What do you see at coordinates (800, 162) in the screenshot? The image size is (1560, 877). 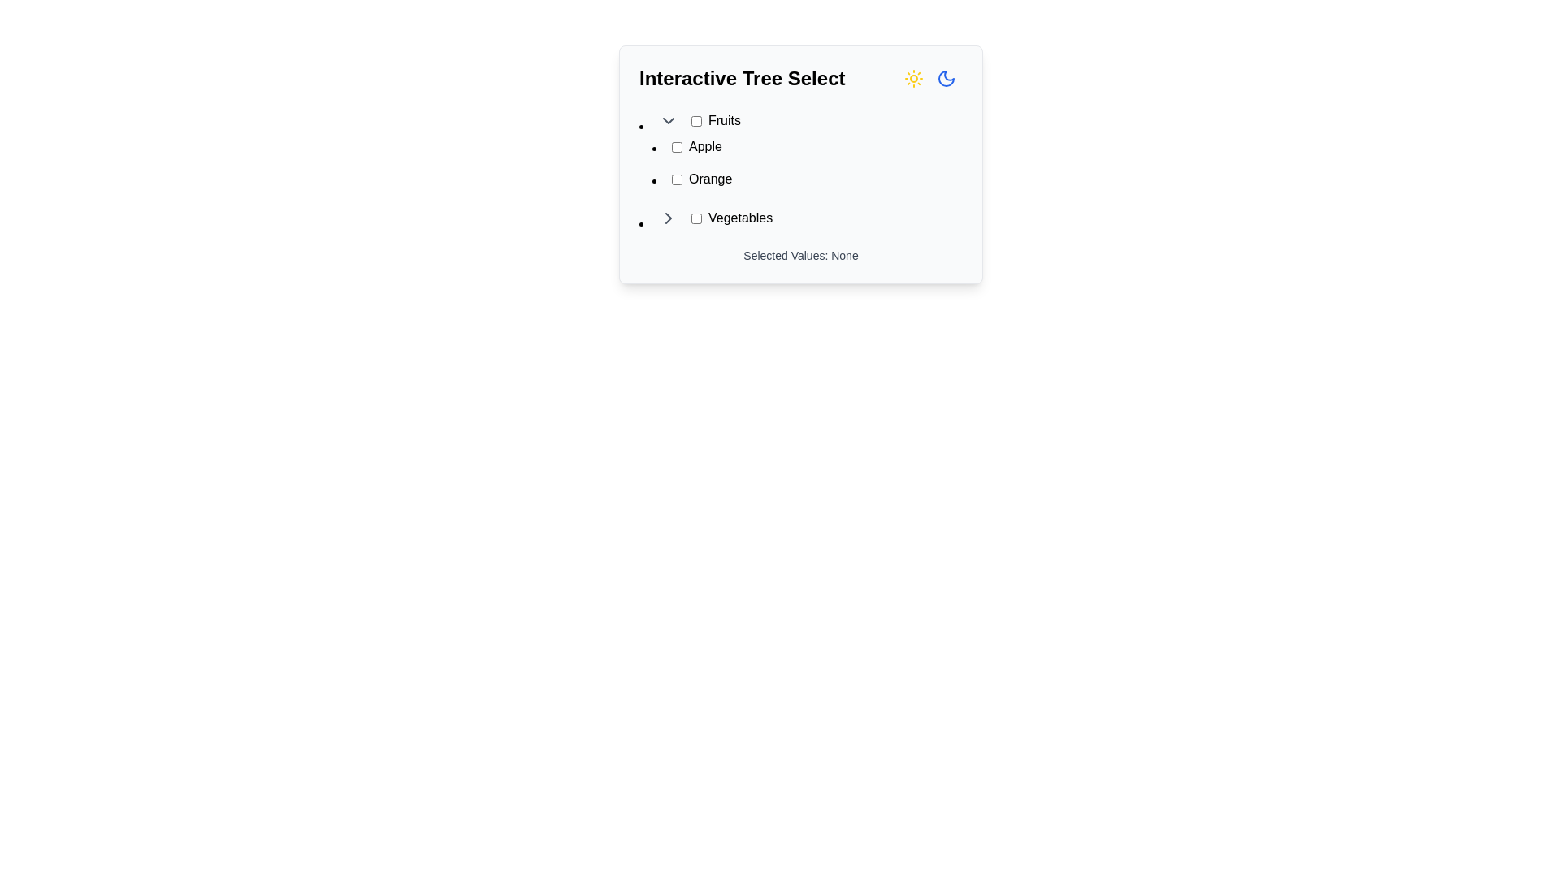 I see `or deselect the checkbox for the 'Apple' or 'Orange' item in the Tree select sublist located under the 'Fruits' label` at bounding box center [800, 162].